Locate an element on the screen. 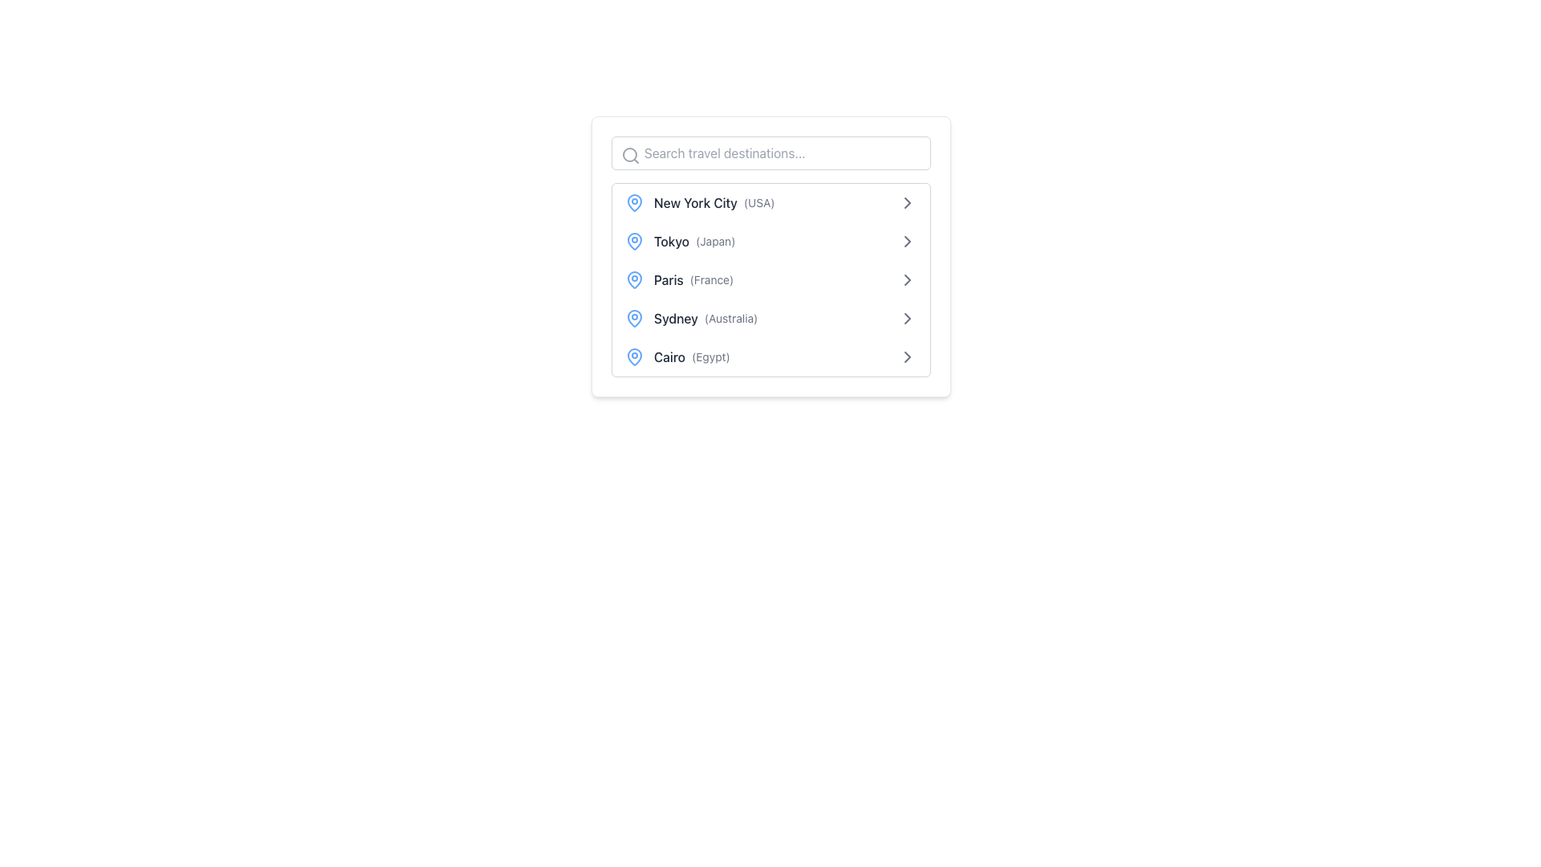  the blue map pin icon located to the left of the text label 'Sydney' is located at coordinates (634, 319).